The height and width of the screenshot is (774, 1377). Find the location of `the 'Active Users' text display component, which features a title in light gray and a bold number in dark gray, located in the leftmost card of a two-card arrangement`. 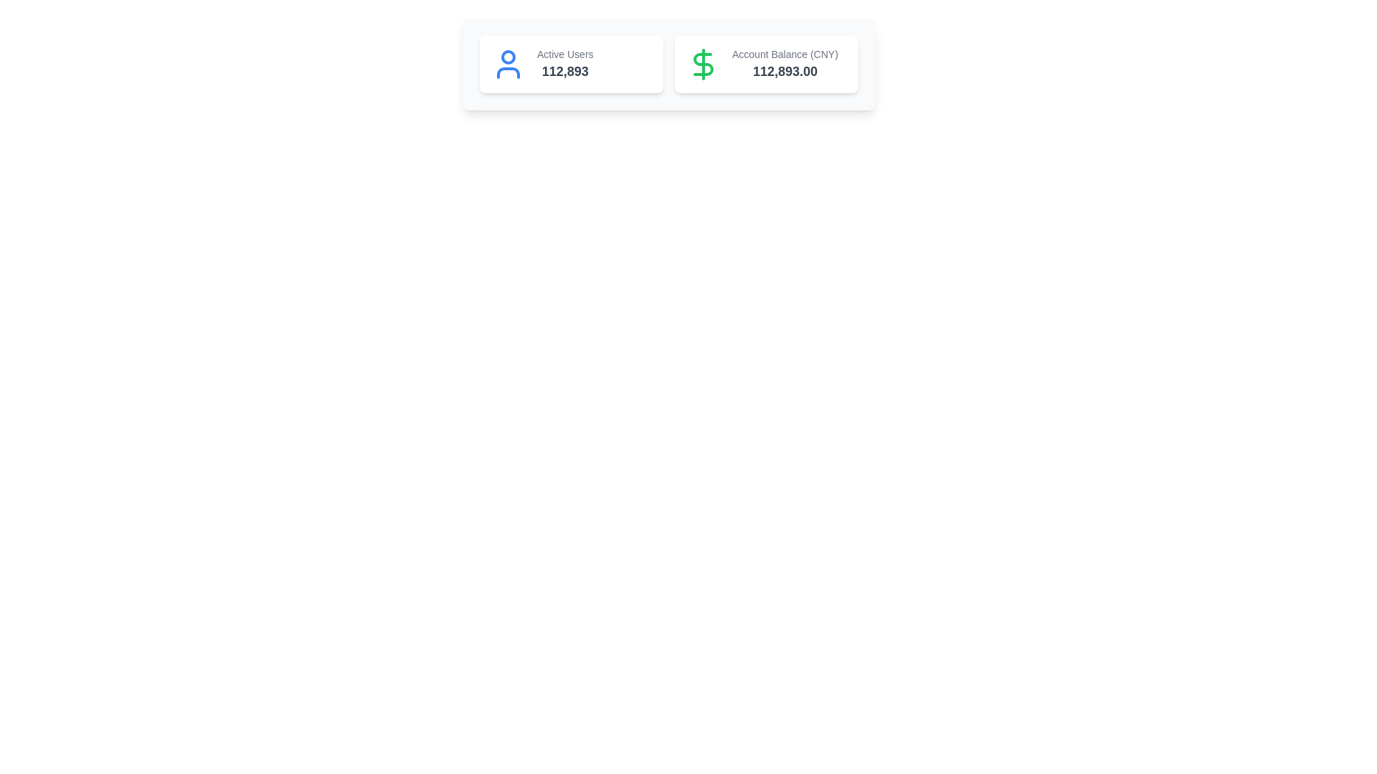

the 'Active Users' text display component, which features a title in light gray and a bold number in dark gray, located in the leftmost card of a two-card arrangement is located at coordinates (564, 63).